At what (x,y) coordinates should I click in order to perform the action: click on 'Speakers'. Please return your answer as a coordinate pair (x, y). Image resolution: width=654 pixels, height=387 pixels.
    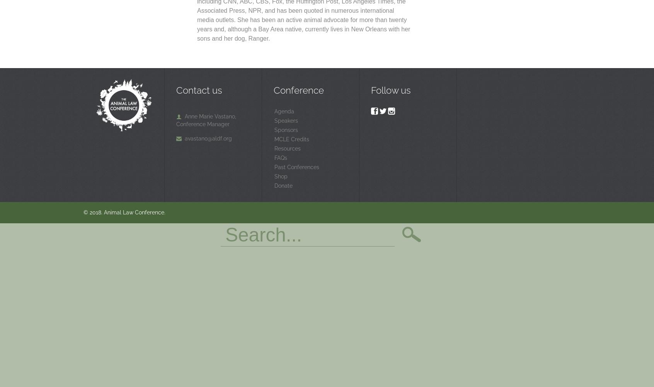
    Looking at the image, I should click on (286, 120).